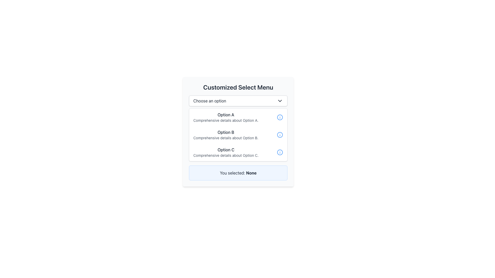 Image resolution: width=495 pixels, height=278 pixels. I want to click on the third item in the dropdown menu that allows users, so click(238, 152).